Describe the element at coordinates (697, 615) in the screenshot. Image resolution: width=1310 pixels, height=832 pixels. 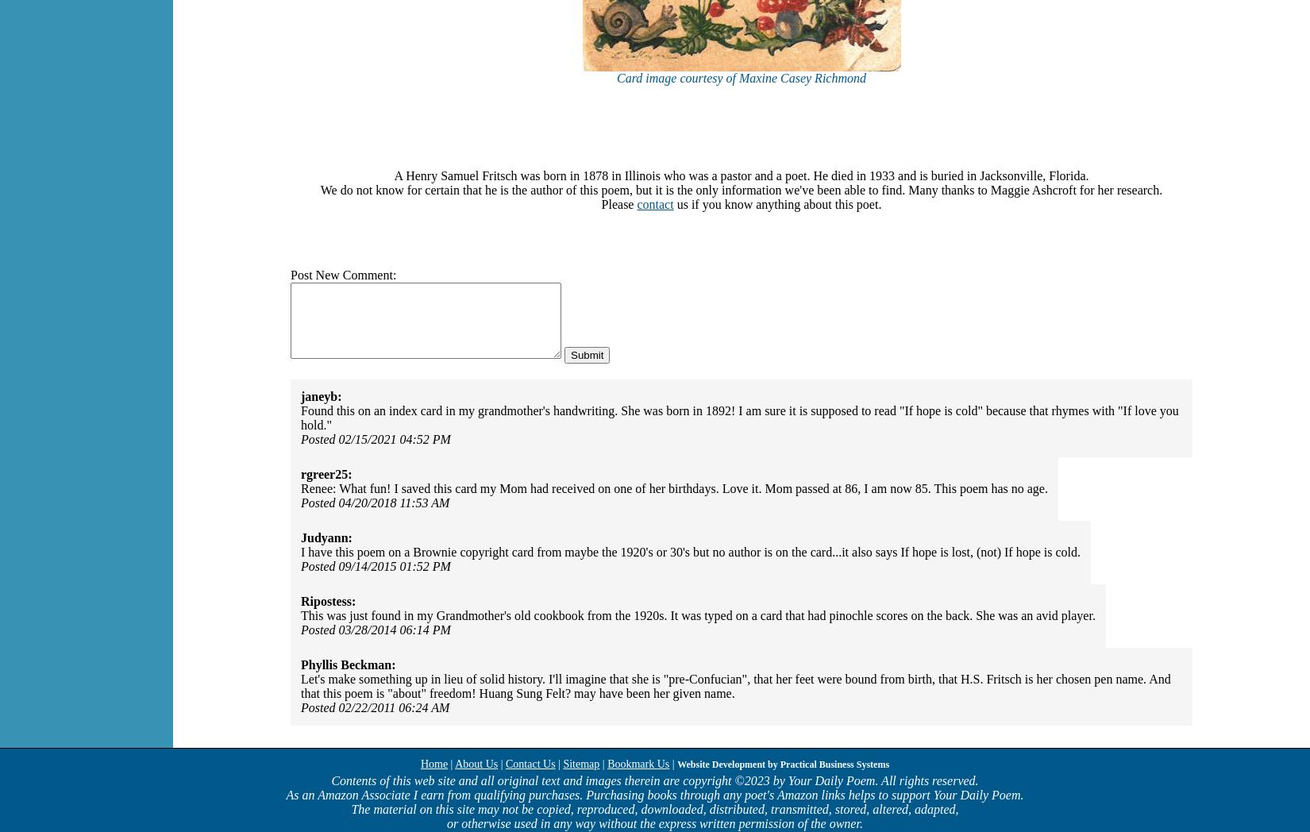
I see `'This was just found in my Grandmother's old cookbook from the 1920s.  It was typed on a card that had pinochle scores on the back.  She was an avid player.'` at that location.